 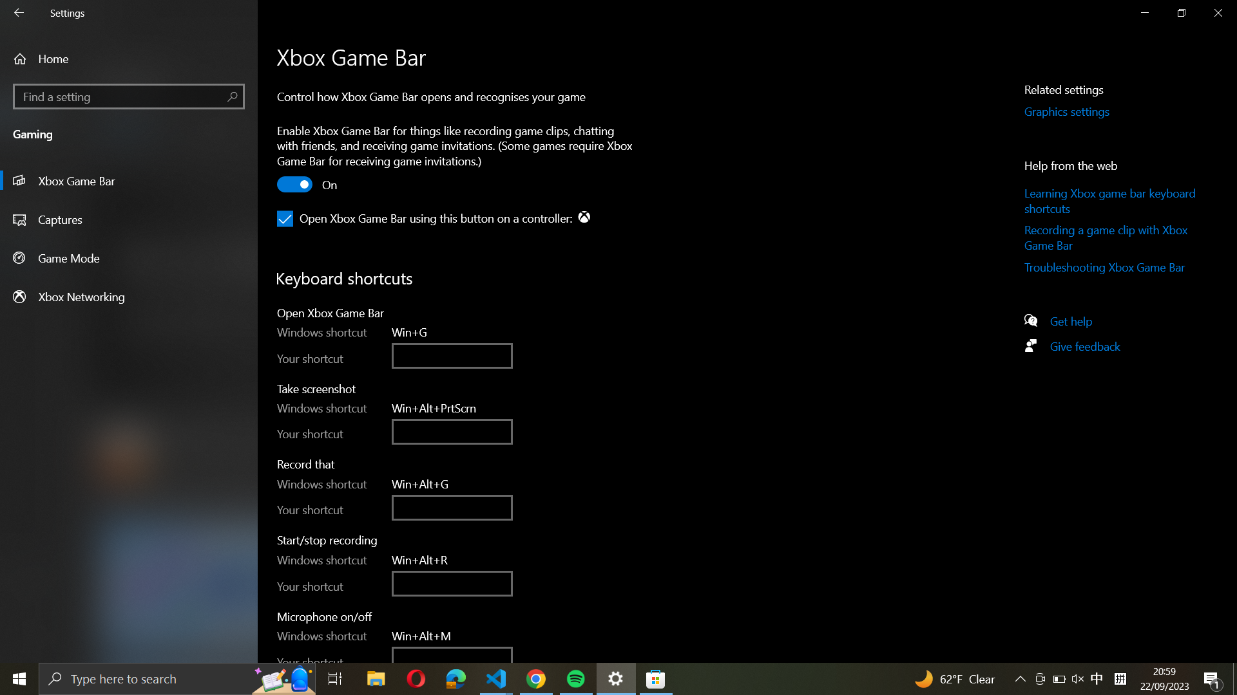 I want to click on the network settings on Xbox, so click(x=129, y=296).